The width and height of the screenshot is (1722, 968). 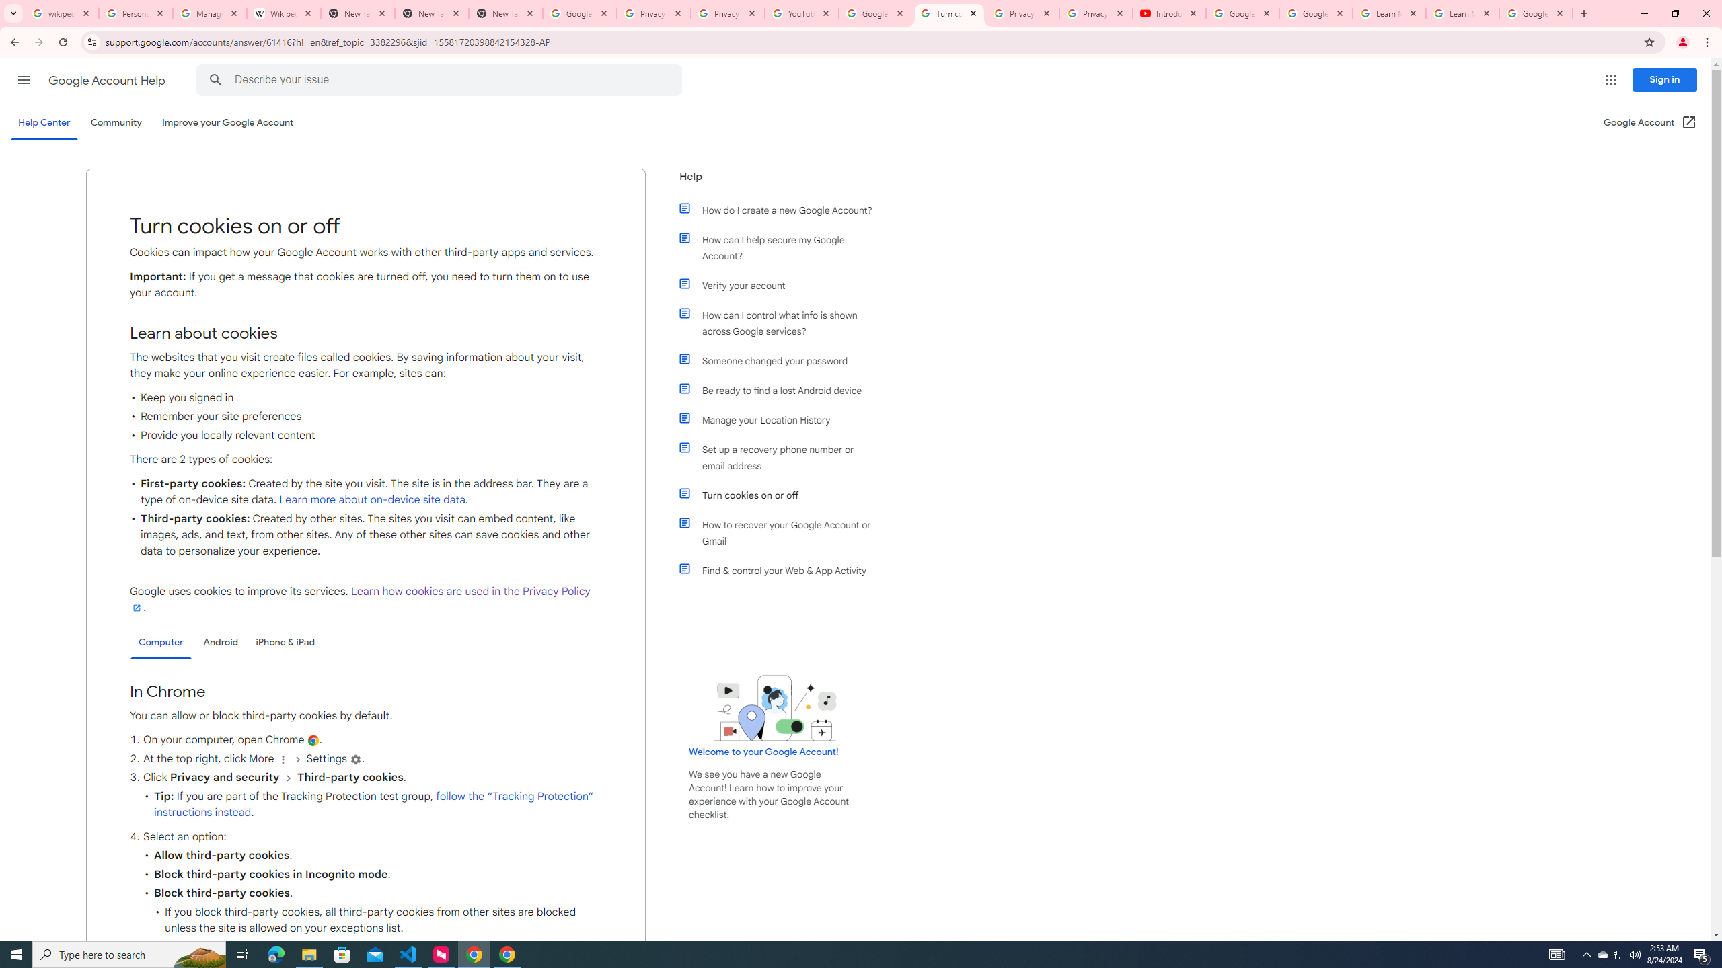 I want to click on 'Introduction | Google Privacy Policy - YouTube', so click(x=1168, y=13).